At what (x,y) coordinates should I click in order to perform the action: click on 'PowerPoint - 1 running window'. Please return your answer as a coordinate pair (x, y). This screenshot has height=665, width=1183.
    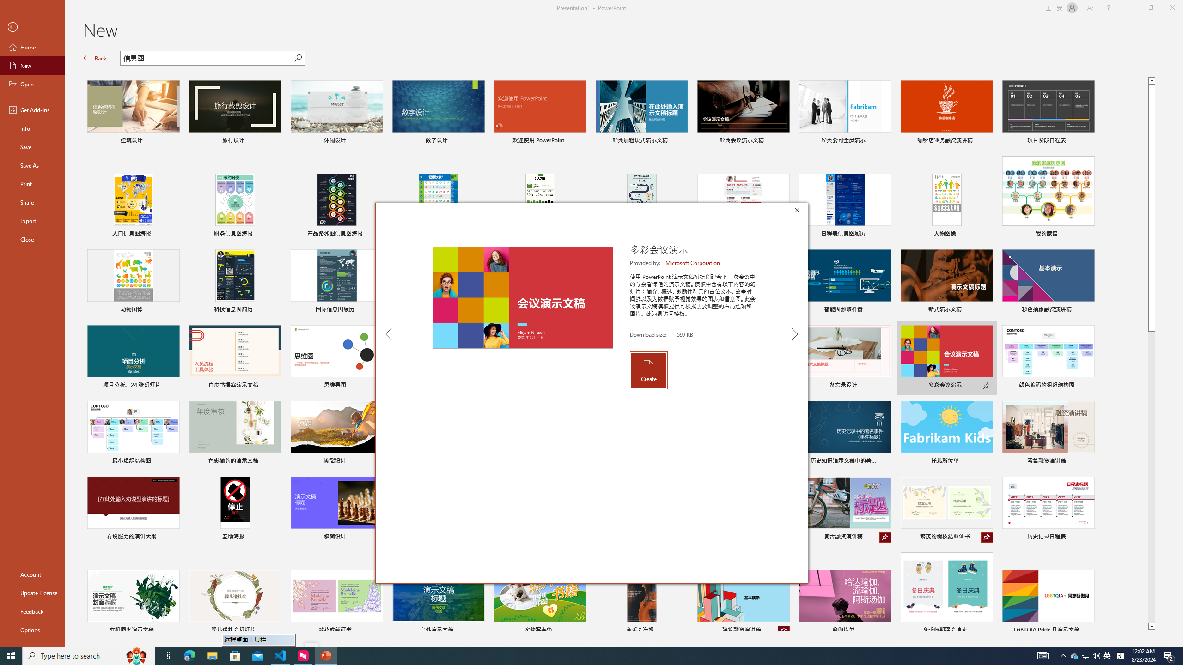
    Looking at the image, I should click on (326, 655).